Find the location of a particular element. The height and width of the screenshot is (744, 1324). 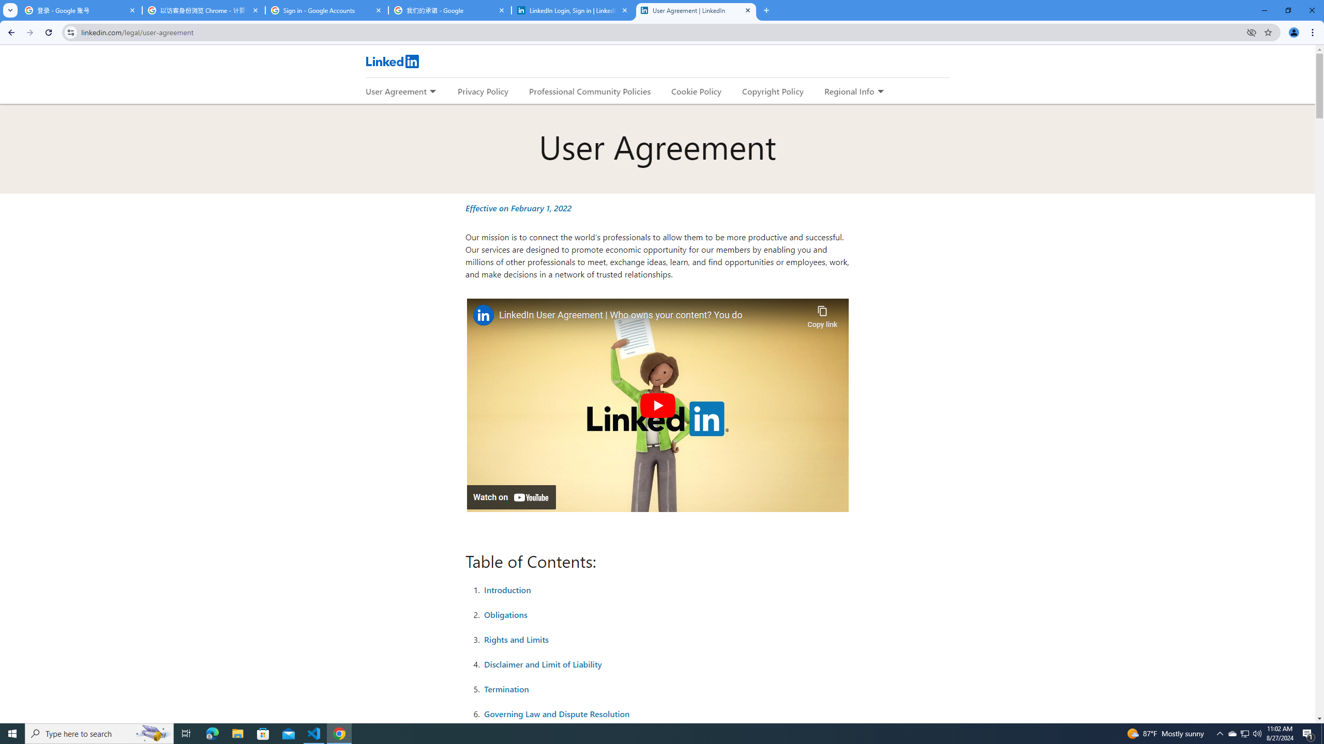

'Expand to show more links for User Agreement' is located at coordinates (432, 91).